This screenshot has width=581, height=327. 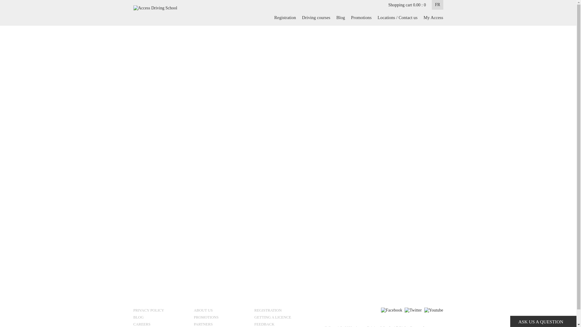 What do you see at coordinates (221, 318) in the screenshot?
I see `'PROMOTIONS'` at bounding box center [221, 318].